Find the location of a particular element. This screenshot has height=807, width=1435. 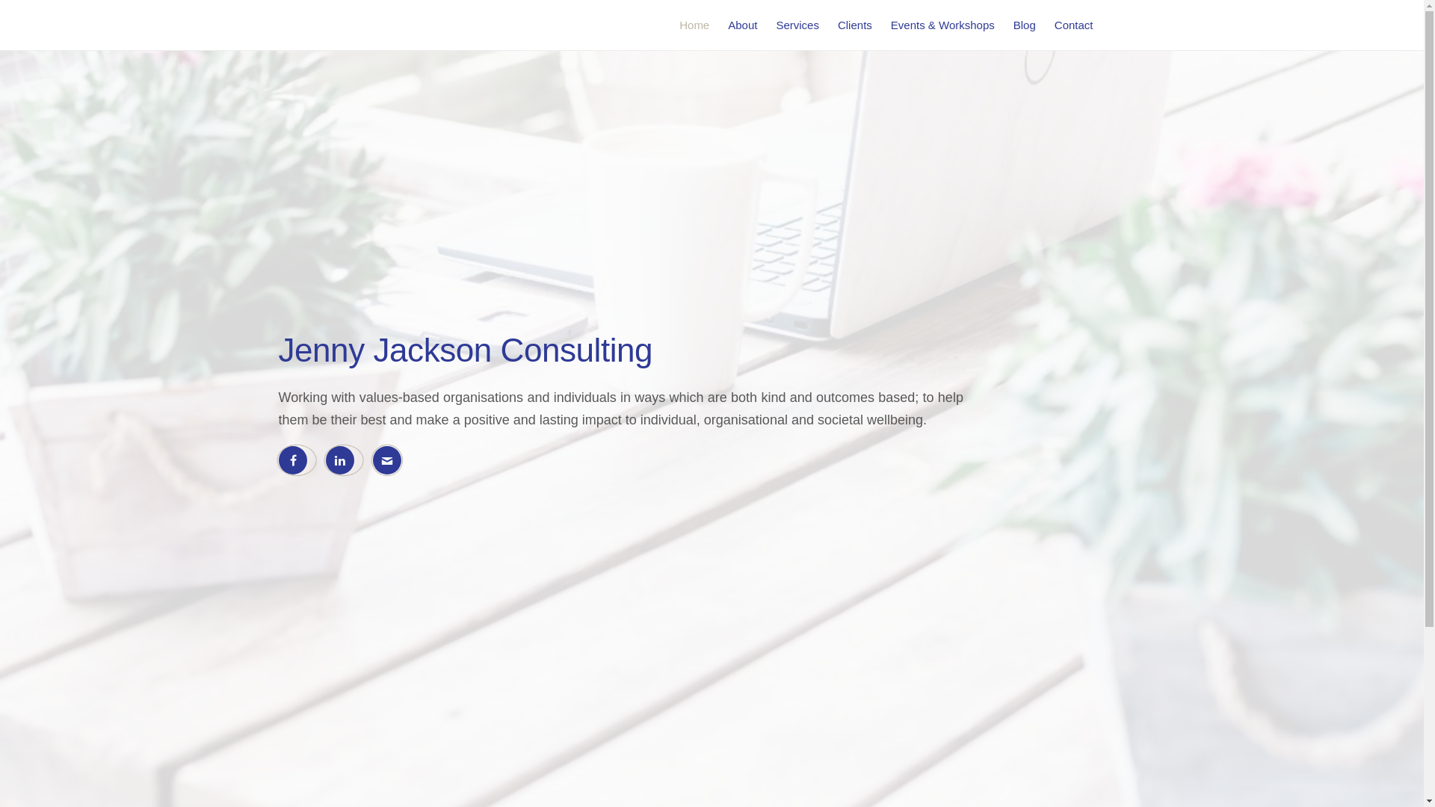

'Home' is located at coordinates (694, 25).